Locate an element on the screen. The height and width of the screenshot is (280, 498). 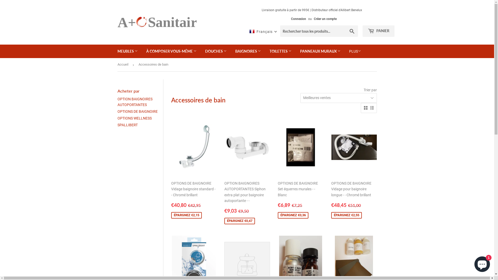
'PANNEAUX MURAUX' is located at coordinates (320, 51).